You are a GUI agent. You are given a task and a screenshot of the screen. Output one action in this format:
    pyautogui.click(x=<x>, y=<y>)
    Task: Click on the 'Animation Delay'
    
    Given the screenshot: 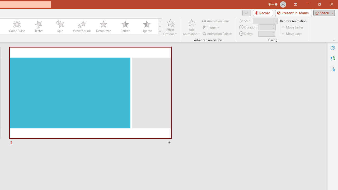 What is the action you would take?
    pyautogui.click(x=265, y=34)
    